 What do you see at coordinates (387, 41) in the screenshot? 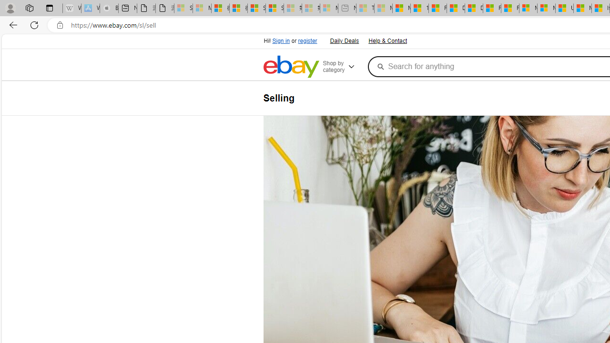
I see `'Help & Contact'` at bounding box center [387, 41].